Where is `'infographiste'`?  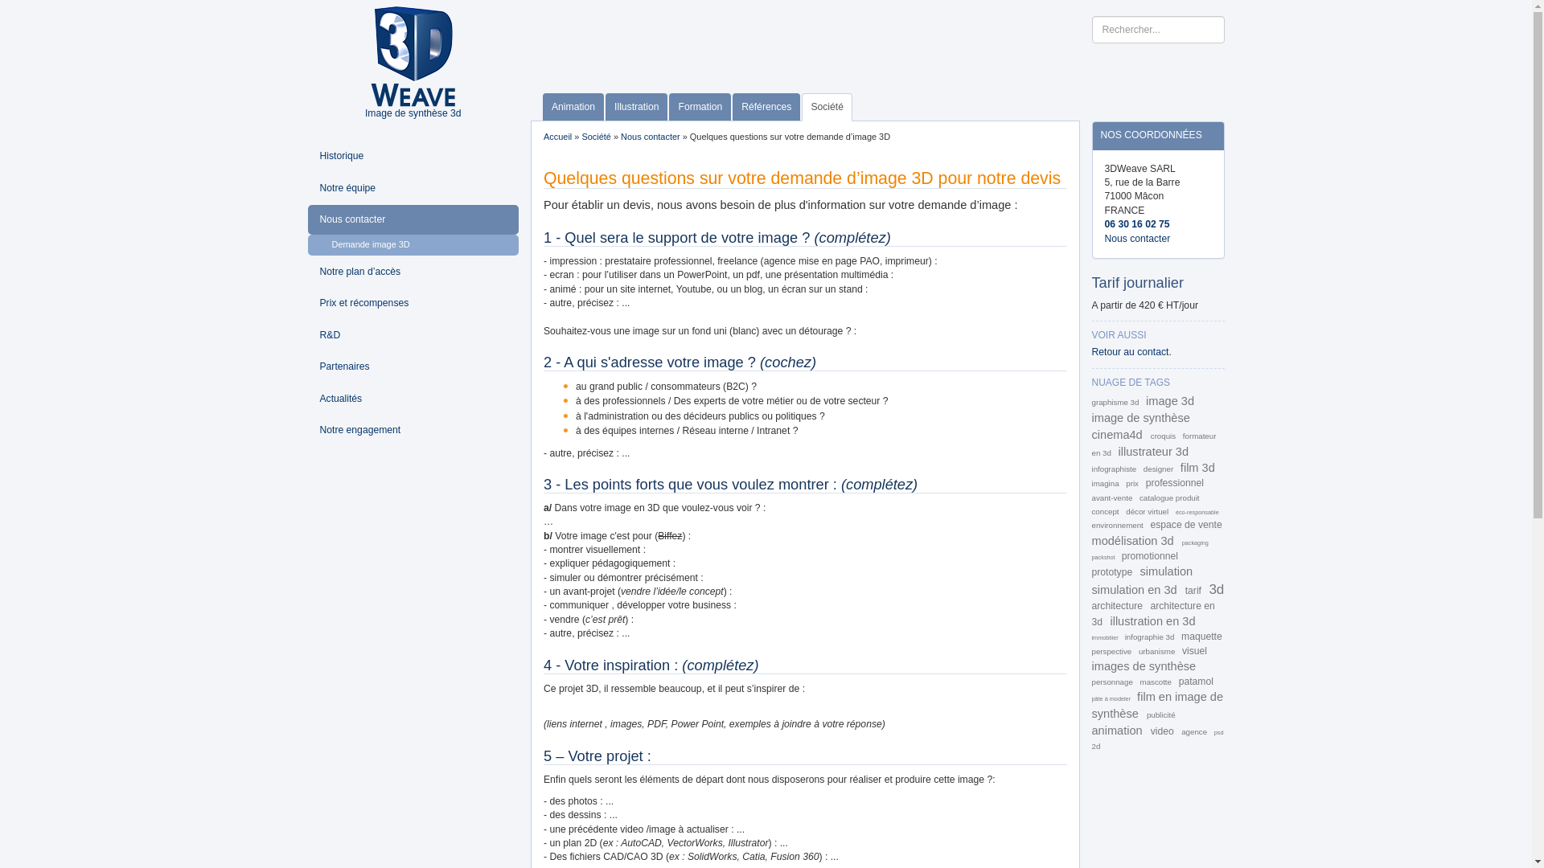
'infographiste' is located at coordinates (1115, 469).